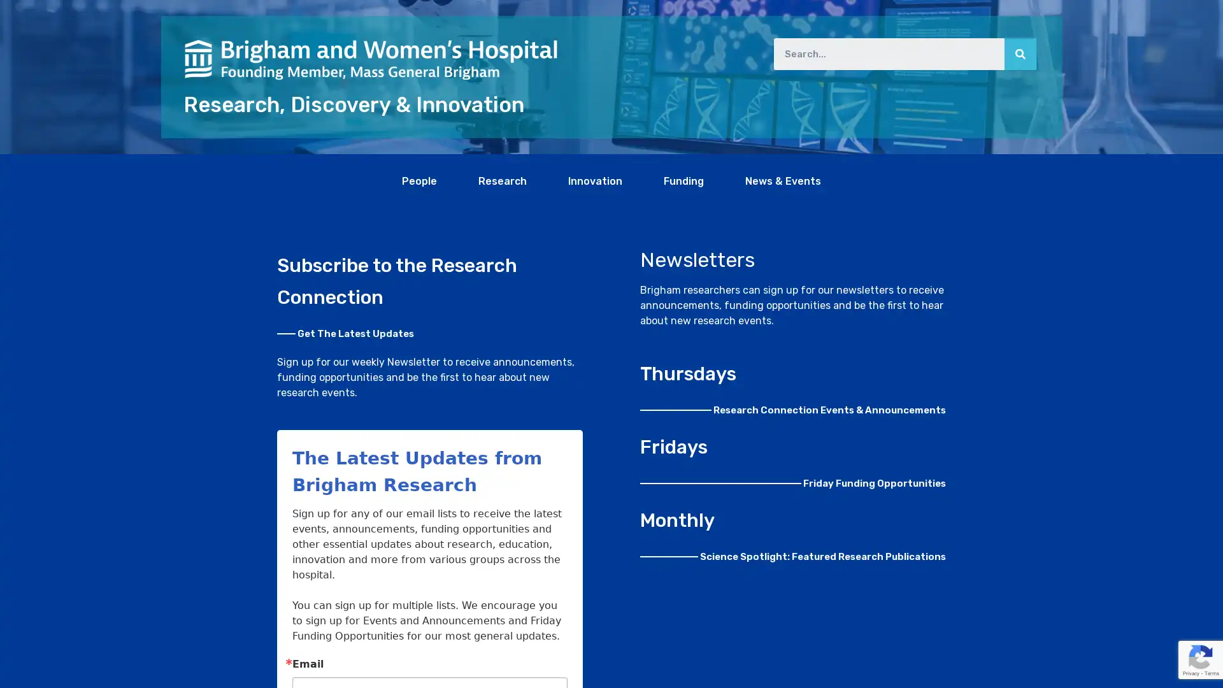 The width and height of the screenshot is (1223, 688). What do you see at coordinates (1020, 53) in the screenshot?
I see `Search` at bounding box center [1020, 53].